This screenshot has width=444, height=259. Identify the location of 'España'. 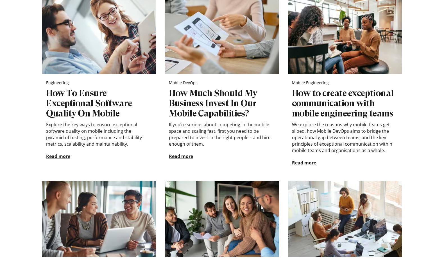
(104, 240).